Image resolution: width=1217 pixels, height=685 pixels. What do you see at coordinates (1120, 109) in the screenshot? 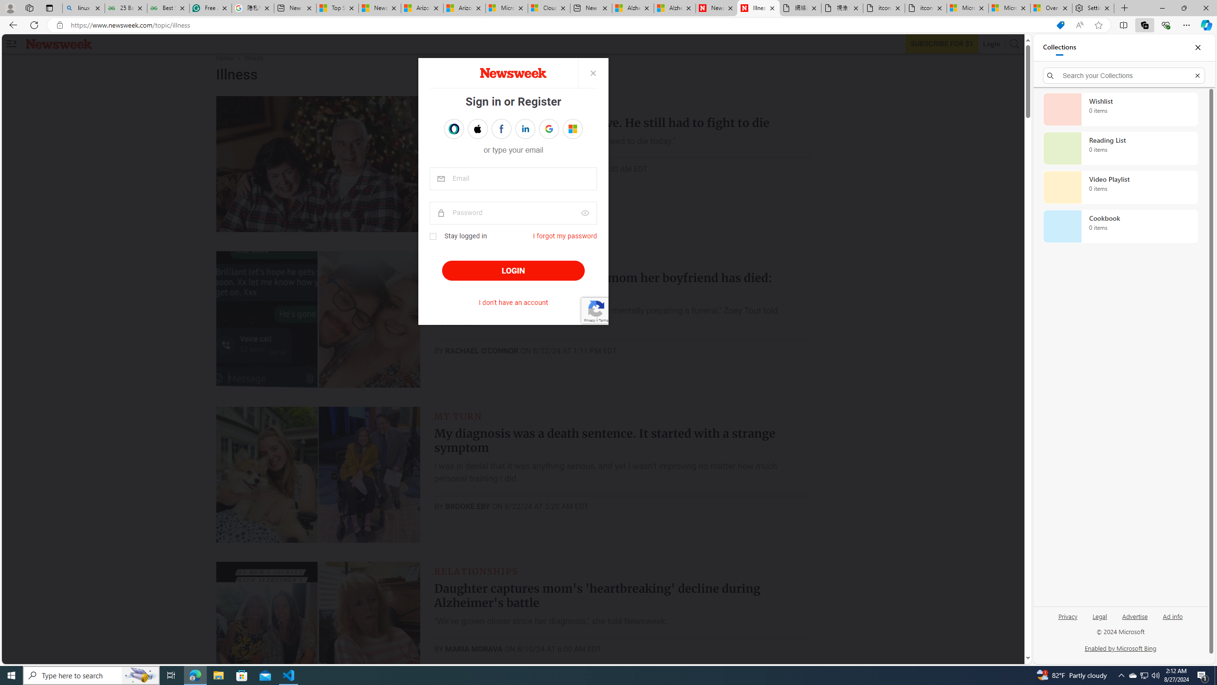
I see `'Wishlist collection, 0 items'` at bounding box center [1120, 109].